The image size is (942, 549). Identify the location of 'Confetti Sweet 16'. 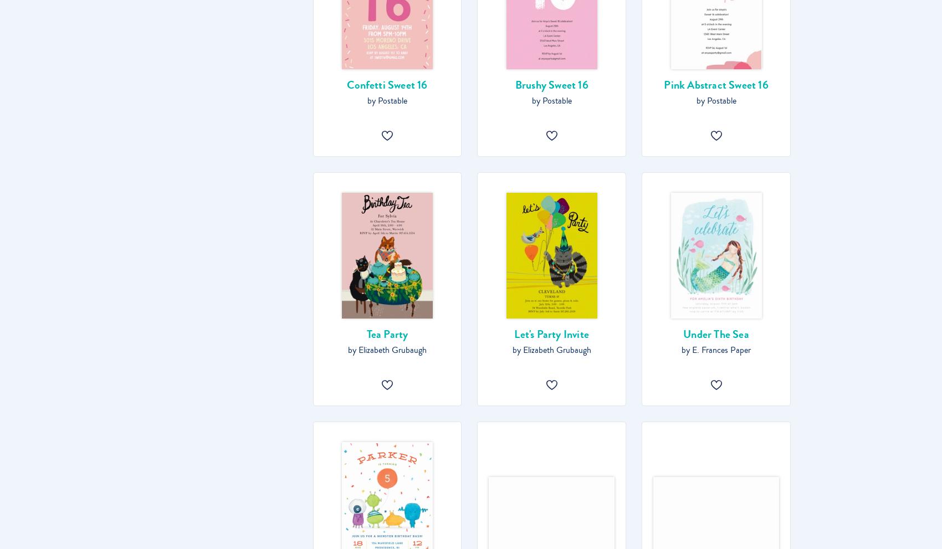
(387, 85).